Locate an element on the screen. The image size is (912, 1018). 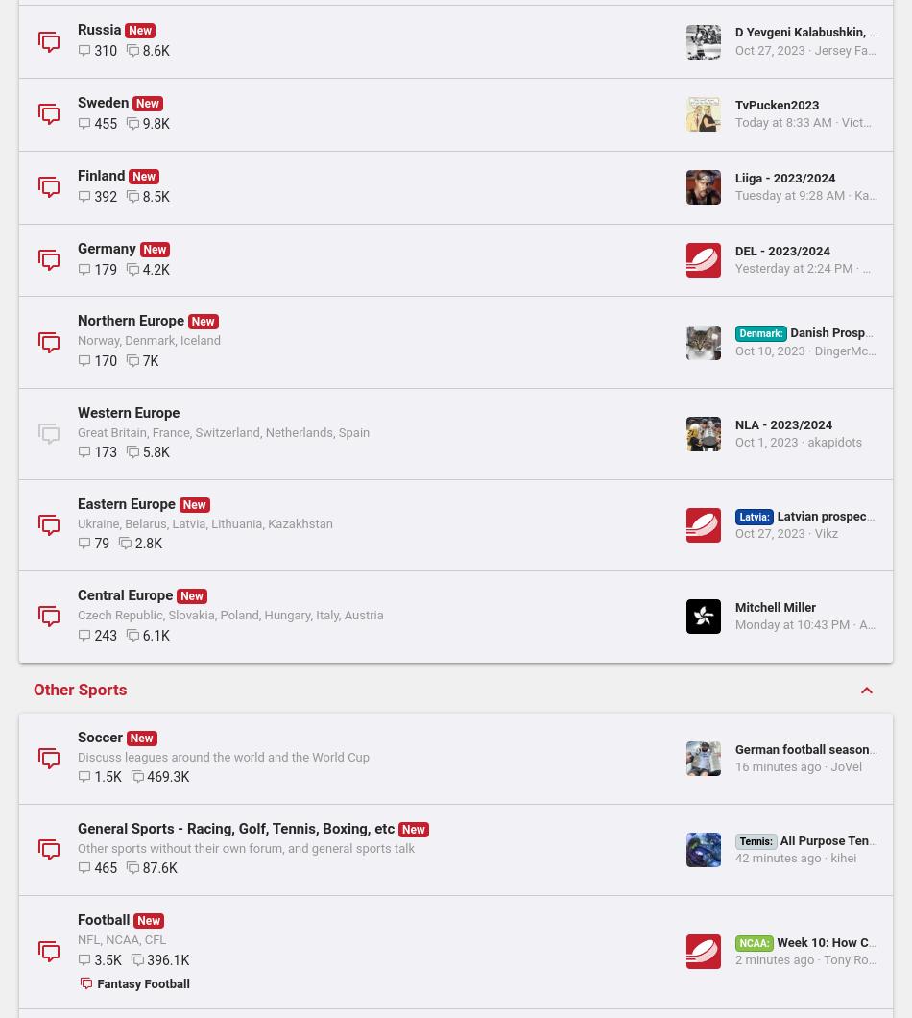
'761' is located at coordinates (106, 140).